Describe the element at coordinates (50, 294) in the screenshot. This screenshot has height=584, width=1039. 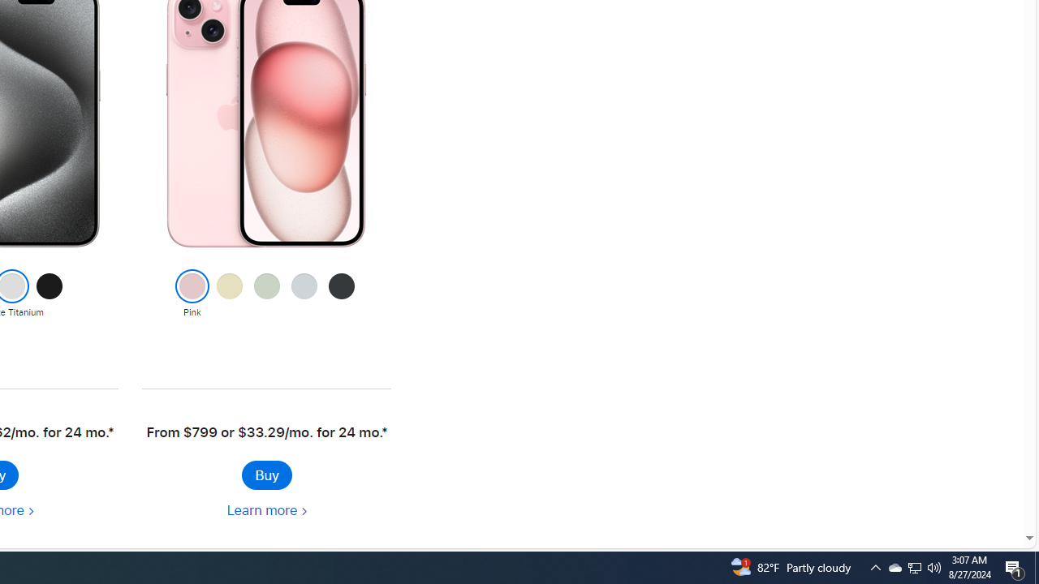
I see `'Black Titanium'` at that location.